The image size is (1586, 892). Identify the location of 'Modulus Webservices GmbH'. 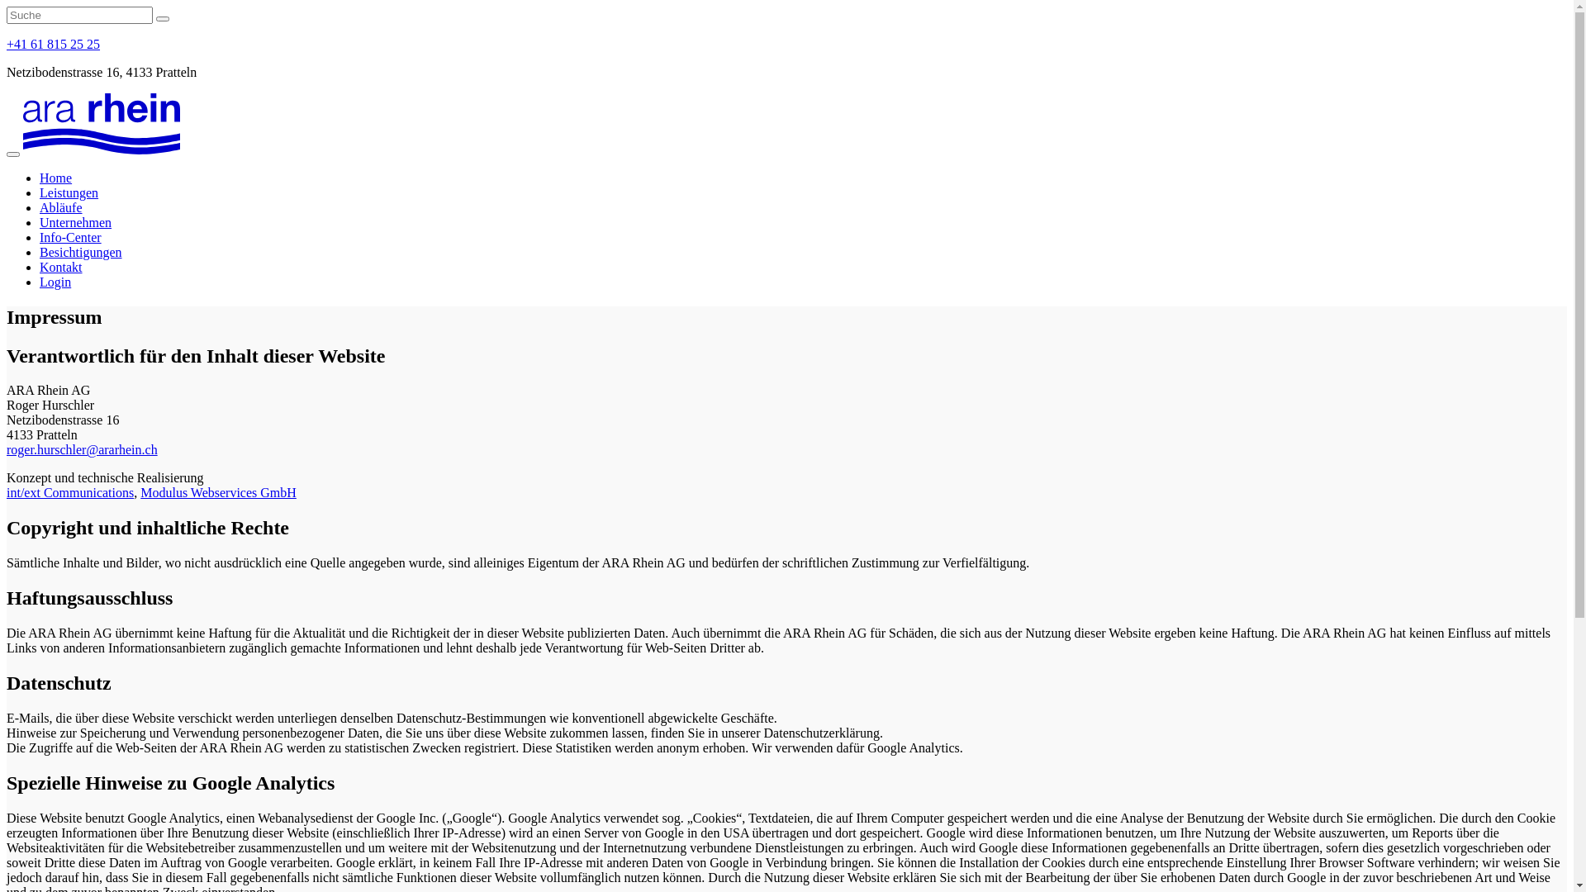
(140, 491).